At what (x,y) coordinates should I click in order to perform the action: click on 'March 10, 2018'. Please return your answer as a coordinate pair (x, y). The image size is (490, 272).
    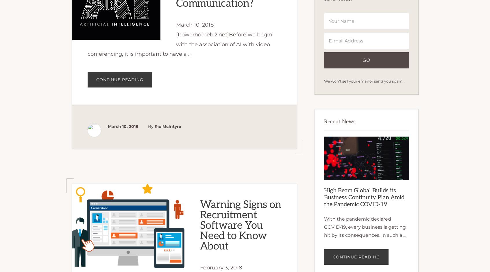
    Looking at the image, I should click on (123, 126).